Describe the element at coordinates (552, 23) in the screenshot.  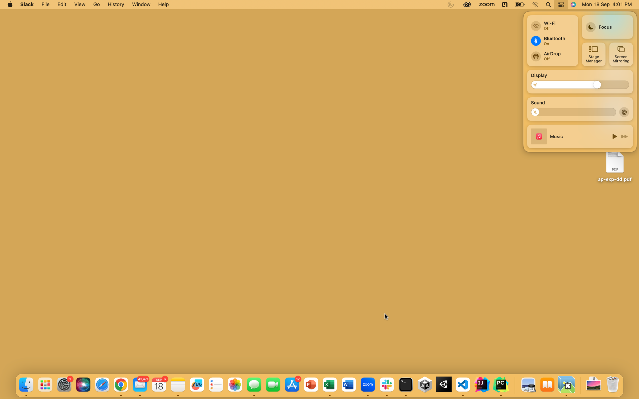
I see `Invert the wifi and bluetooth selection options` at that location.